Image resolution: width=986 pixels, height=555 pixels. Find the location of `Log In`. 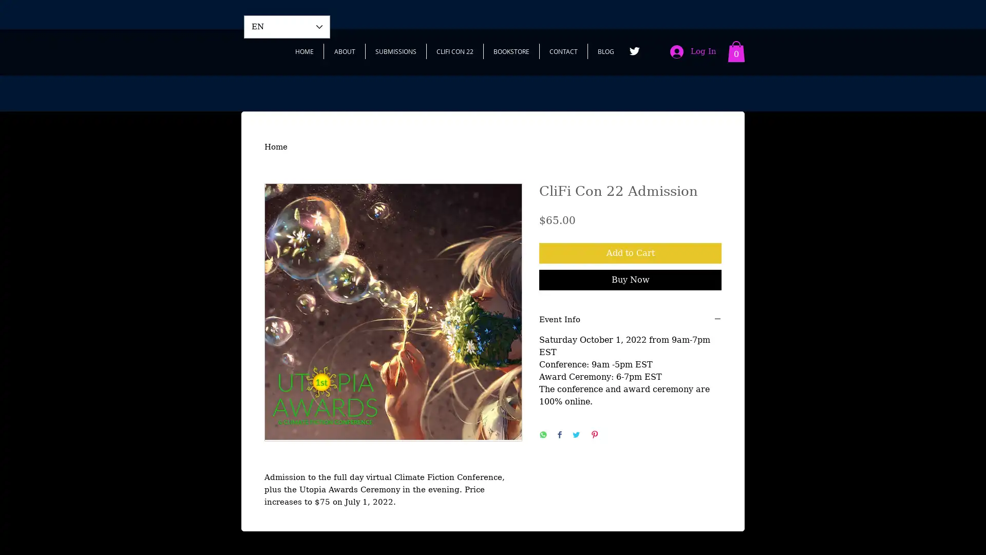

Log In is located at coordinates (693, 51).